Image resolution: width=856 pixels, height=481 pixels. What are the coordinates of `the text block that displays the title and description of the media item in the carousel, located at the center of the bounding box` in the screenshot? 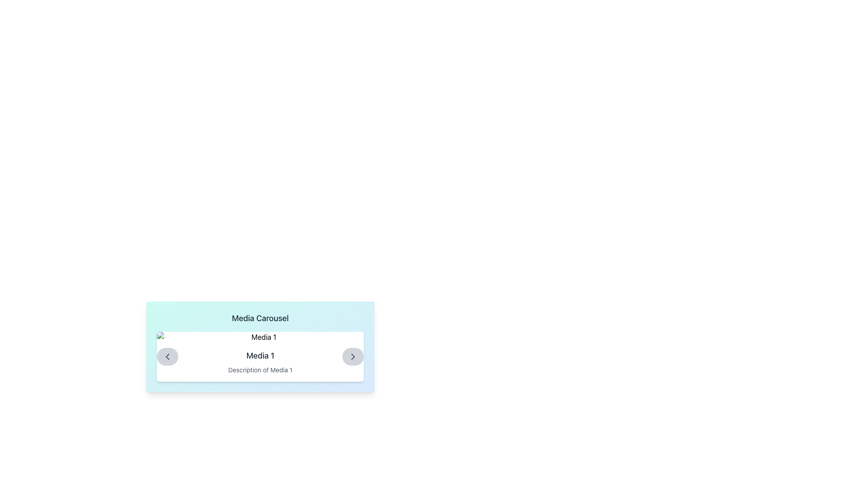 It's located at (260, 362).